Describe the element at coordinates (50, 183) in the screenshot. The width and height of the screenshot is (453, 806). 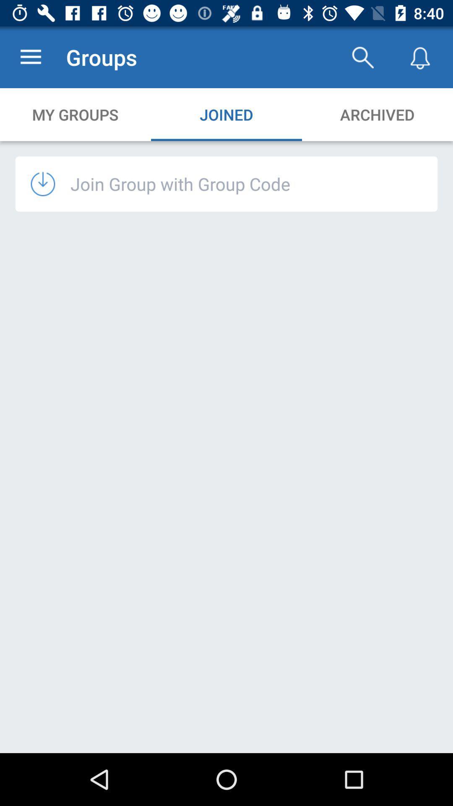
I see `icon below the my groups` at that location.